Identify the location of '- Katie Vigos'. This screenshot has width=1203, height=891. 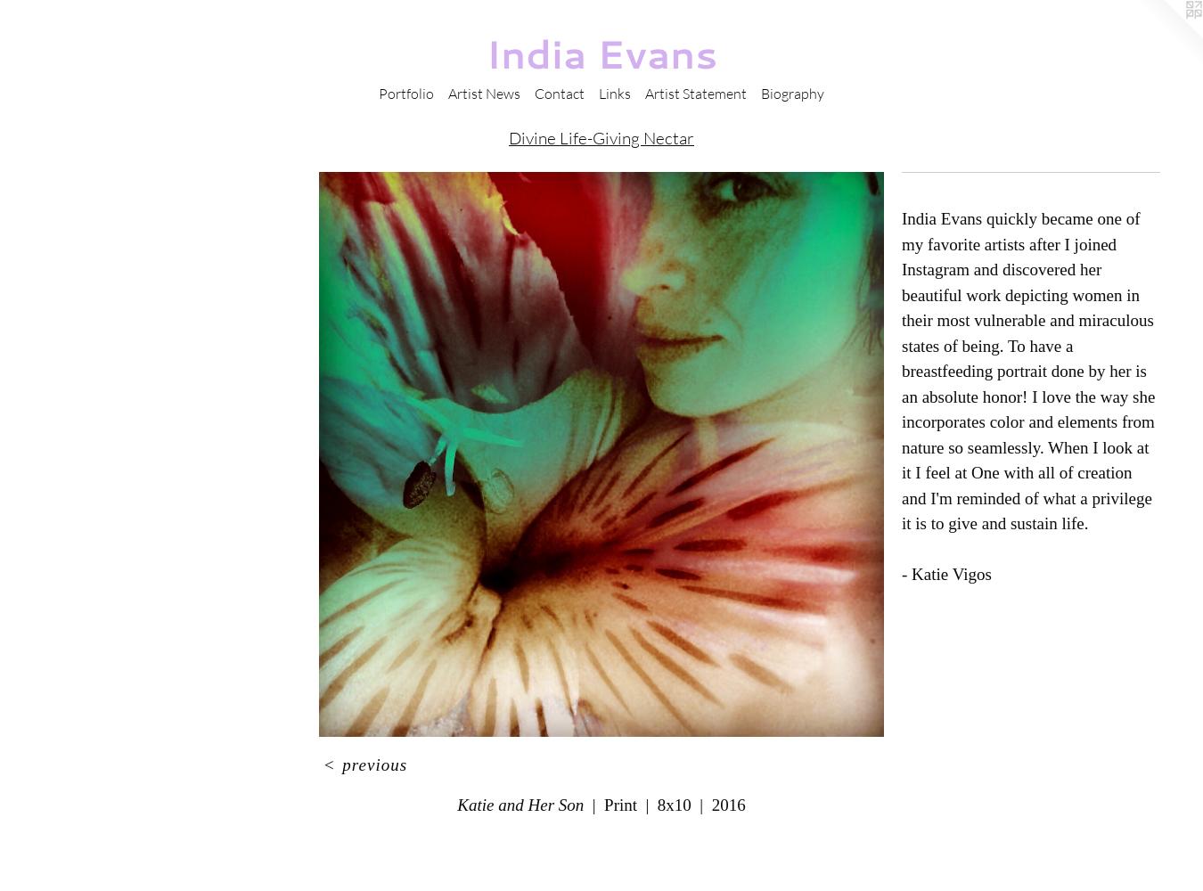
(946, 574).